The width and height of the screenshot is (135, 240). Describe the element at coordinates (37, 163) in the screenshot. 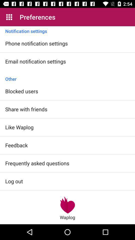

I see `icon below the feedback icon` at that location.